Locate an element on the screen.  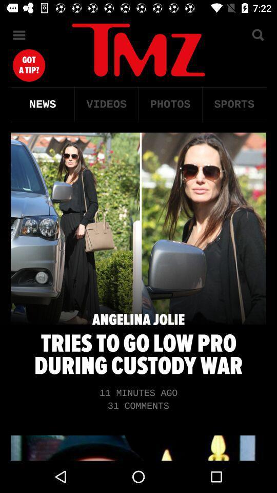
serttings is located at coordinates (19, 35).